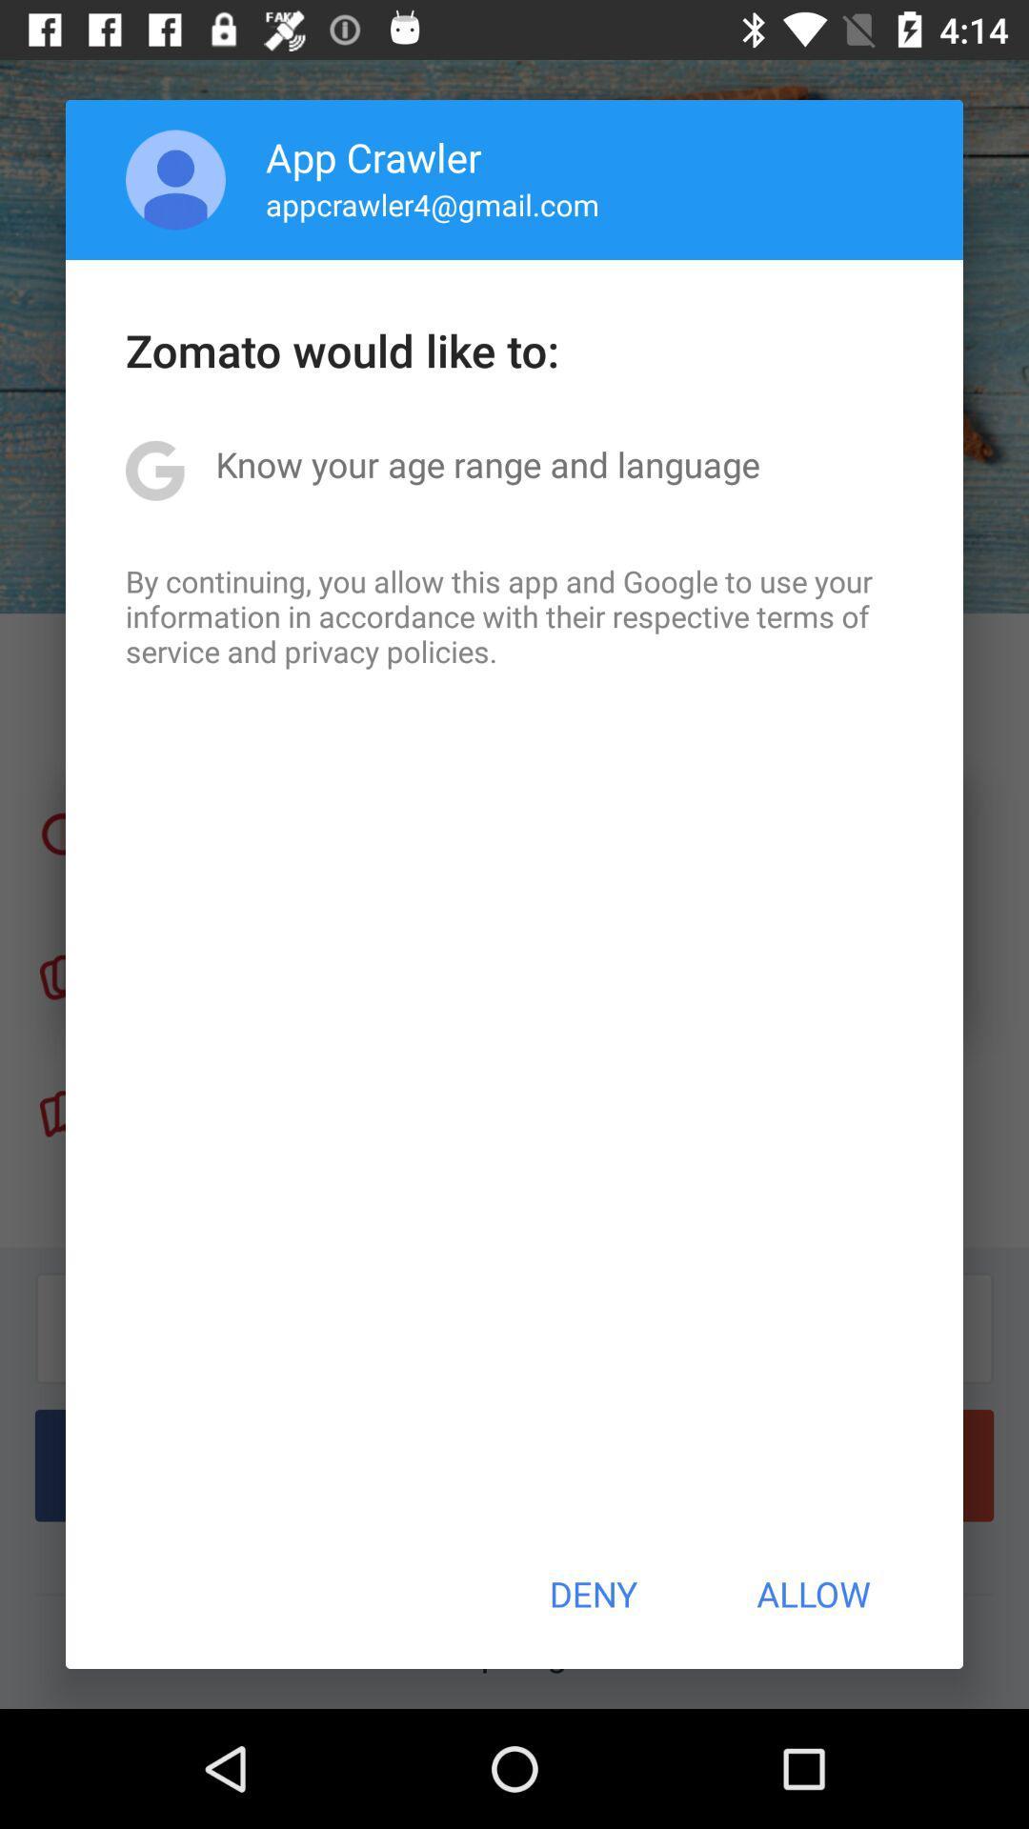 The width and height of the screenshot is (1029, 1829). I want to click on deny button, so click(592, 1594).